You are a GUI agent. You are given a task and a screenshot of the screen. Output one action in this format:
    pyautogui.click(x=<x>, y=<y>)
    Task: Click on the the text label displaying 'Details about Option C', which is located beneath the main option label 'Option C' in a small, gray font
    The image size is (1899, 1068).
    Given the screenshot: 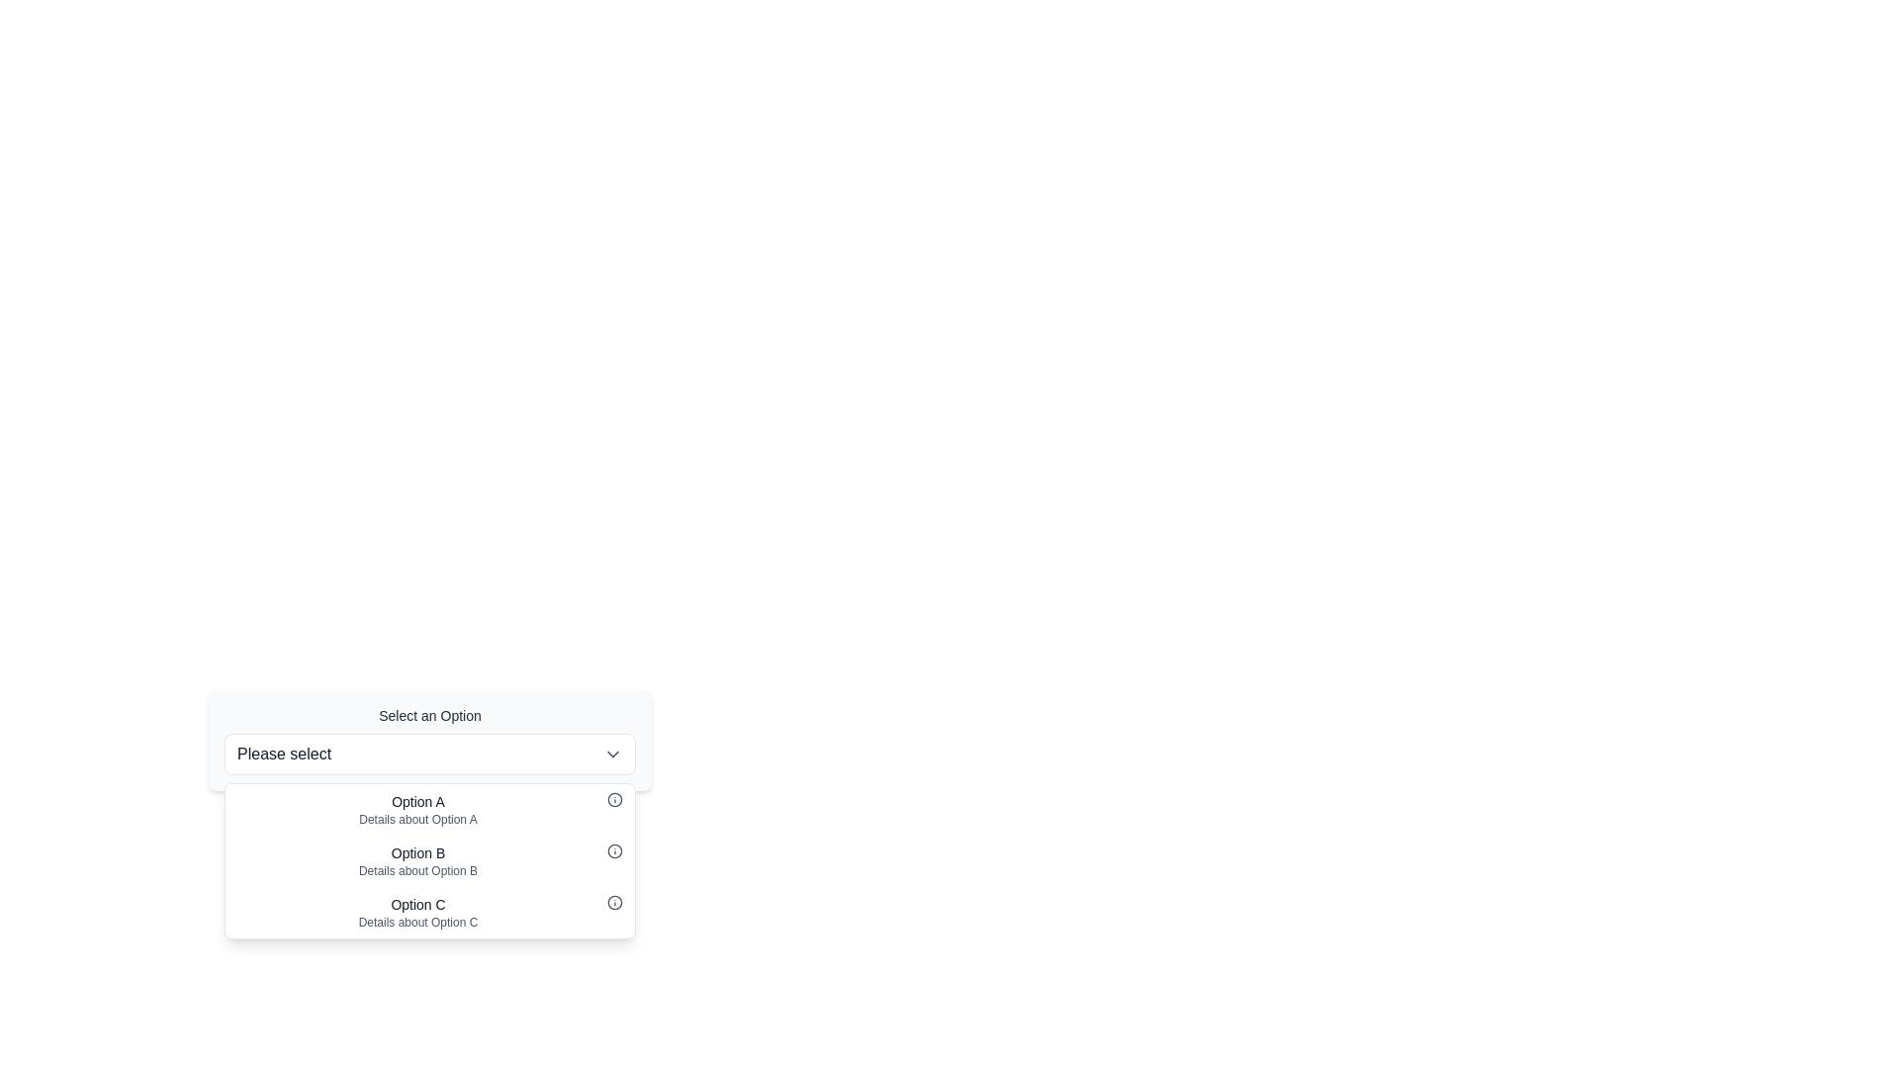 What is the action you would take?
    pyautogui.click(x=416, y=923)
    